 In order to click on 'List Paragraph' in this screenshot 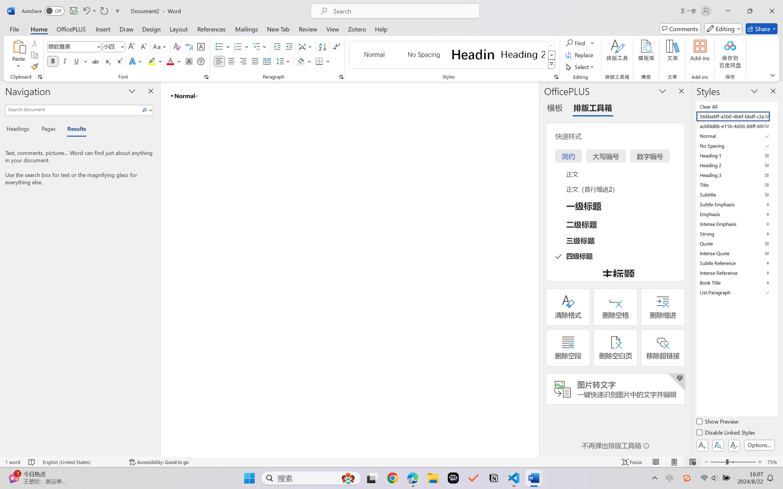, I will do `click(736, 292)`.